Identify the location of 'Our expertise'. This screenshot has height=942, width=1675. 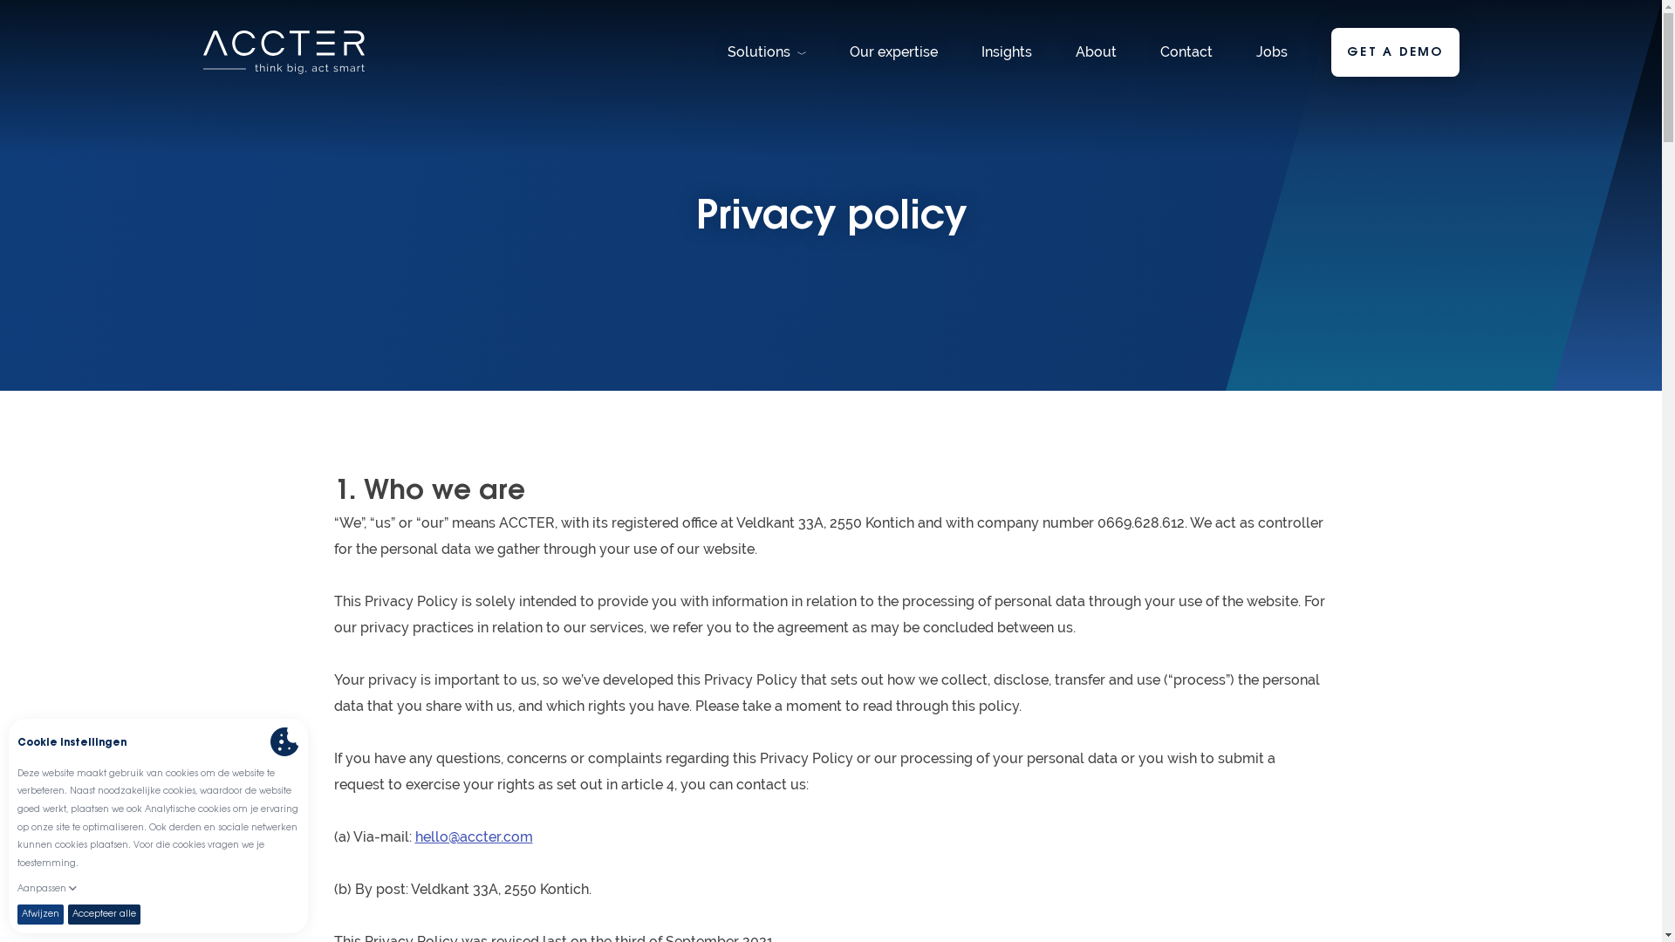
(850, 51).